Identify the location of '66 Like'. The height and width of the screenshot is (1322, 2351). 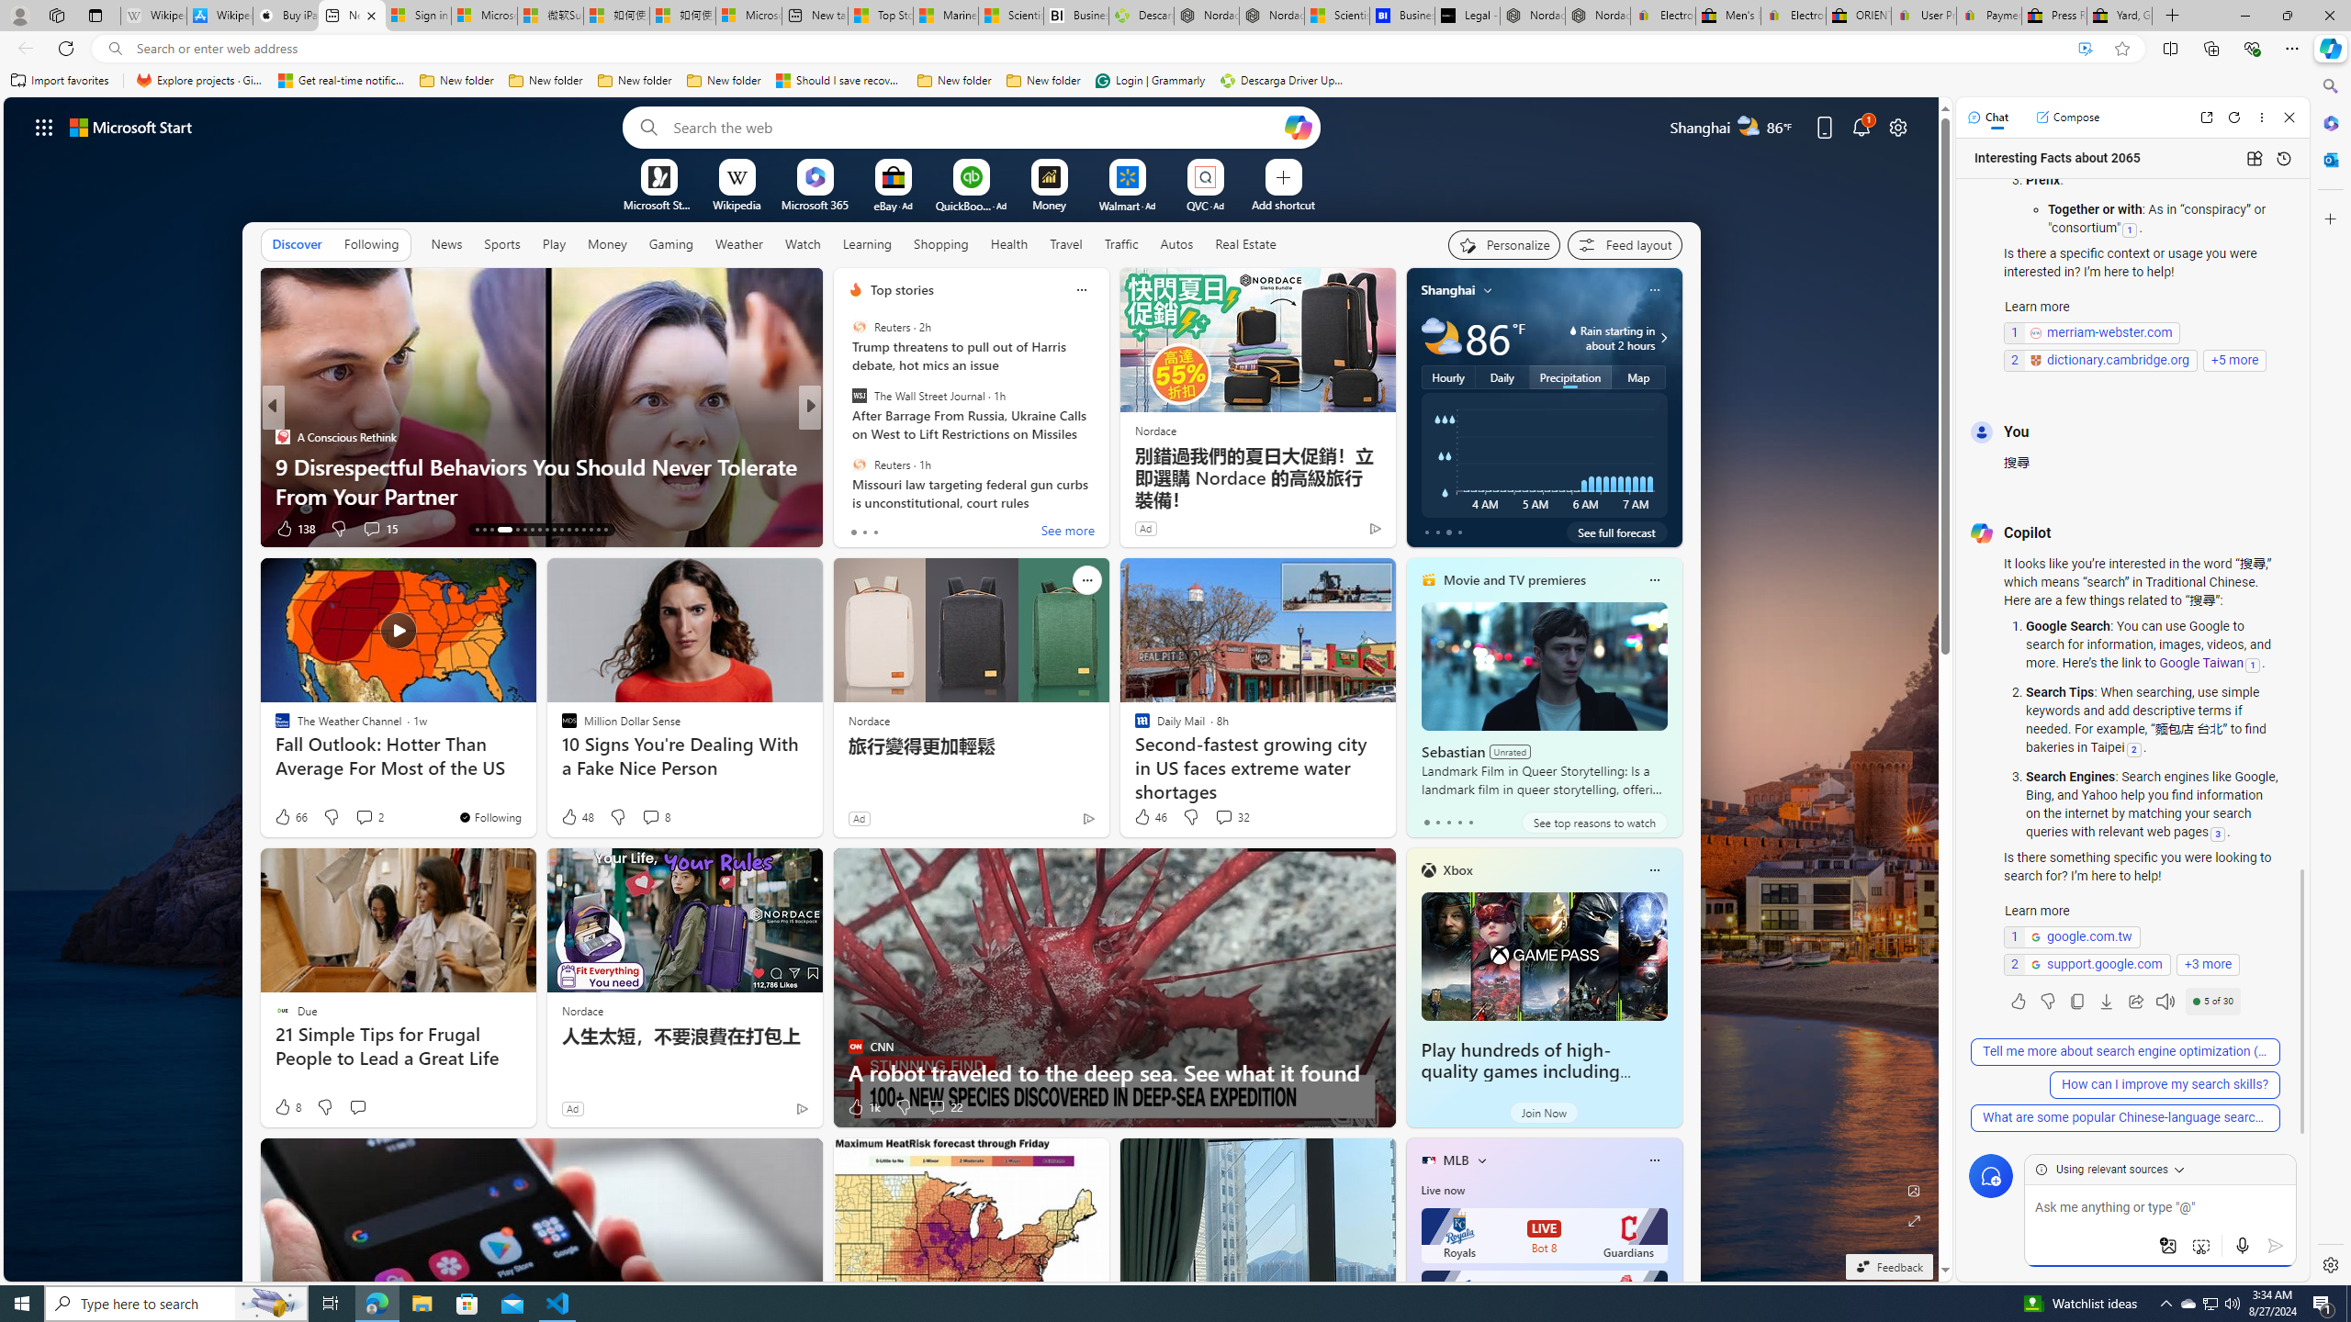
(289, 815).